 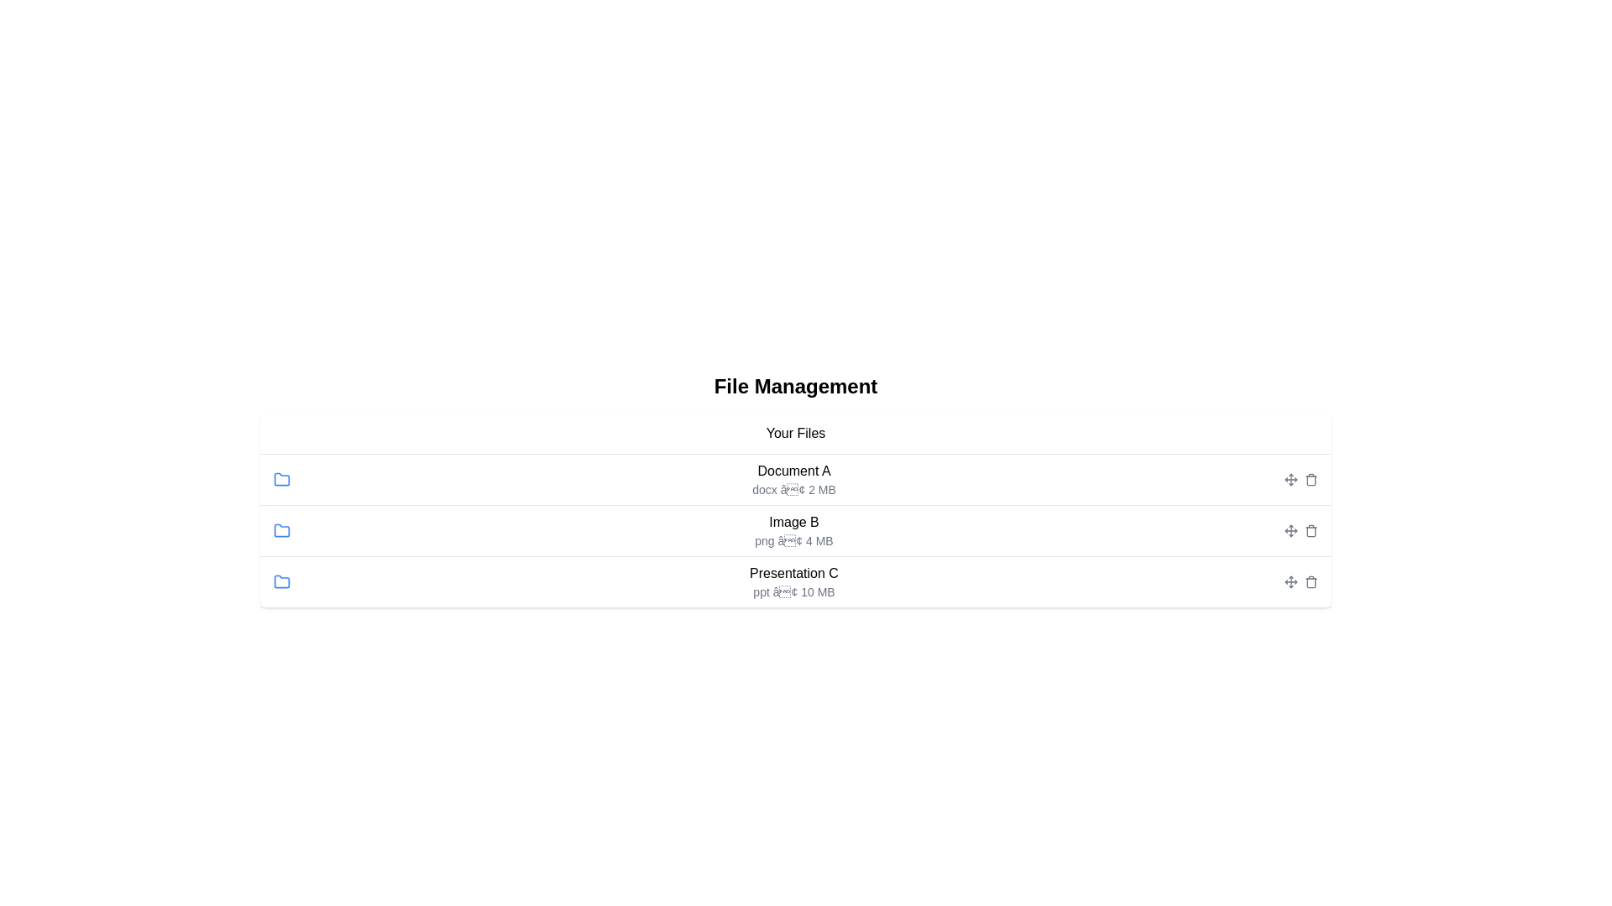 I want to click on to select the last list item with a blue folder icon and text 'Presentation C' in bold, followed by 'ppt • 10 MB', so click(x=795, y=581).